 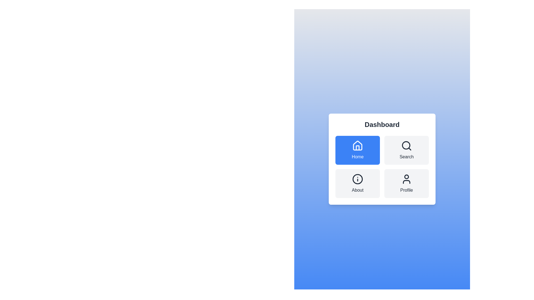 I want to click on the 'Home' button located in the upper left corner of the grid layout, so click(x=358, y=150).